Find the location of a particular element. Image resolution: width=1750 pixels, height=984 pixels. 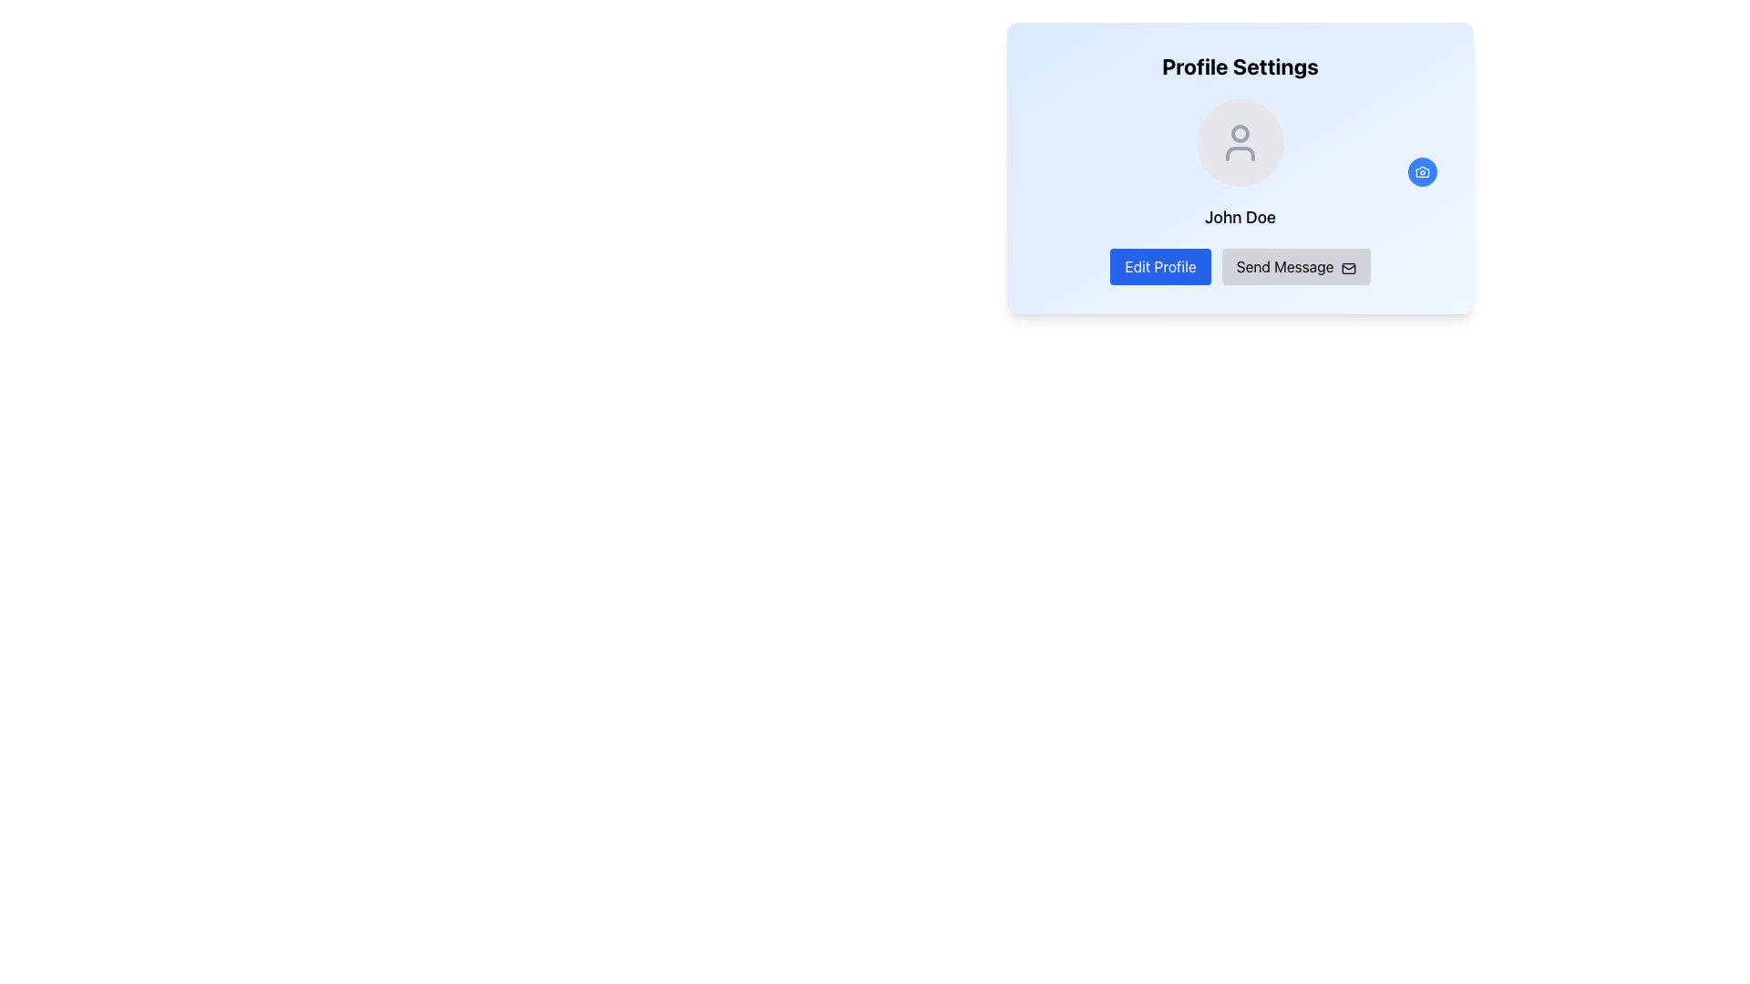

the text label displaying 'John Doe' located beneath the circular avatar in the profile settings section is located at coordinates (1240, 217).